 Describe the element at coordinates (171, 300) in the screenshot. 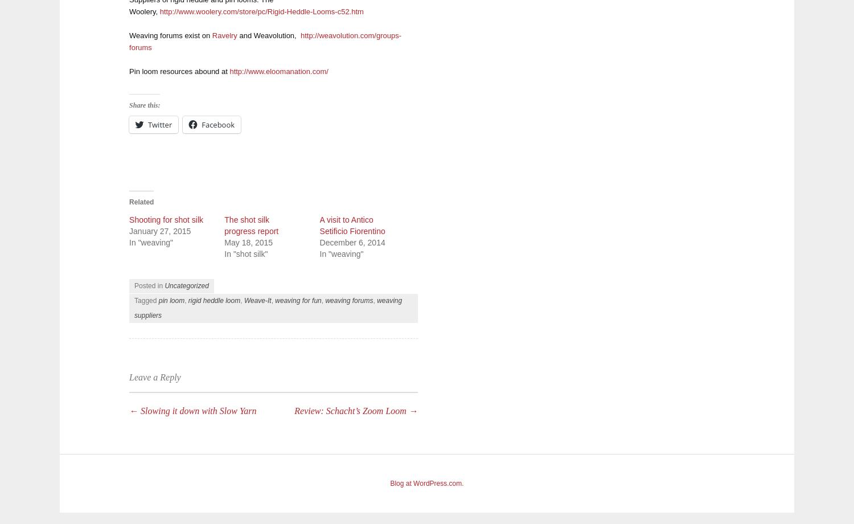

I see `'pin loom'` at that location.